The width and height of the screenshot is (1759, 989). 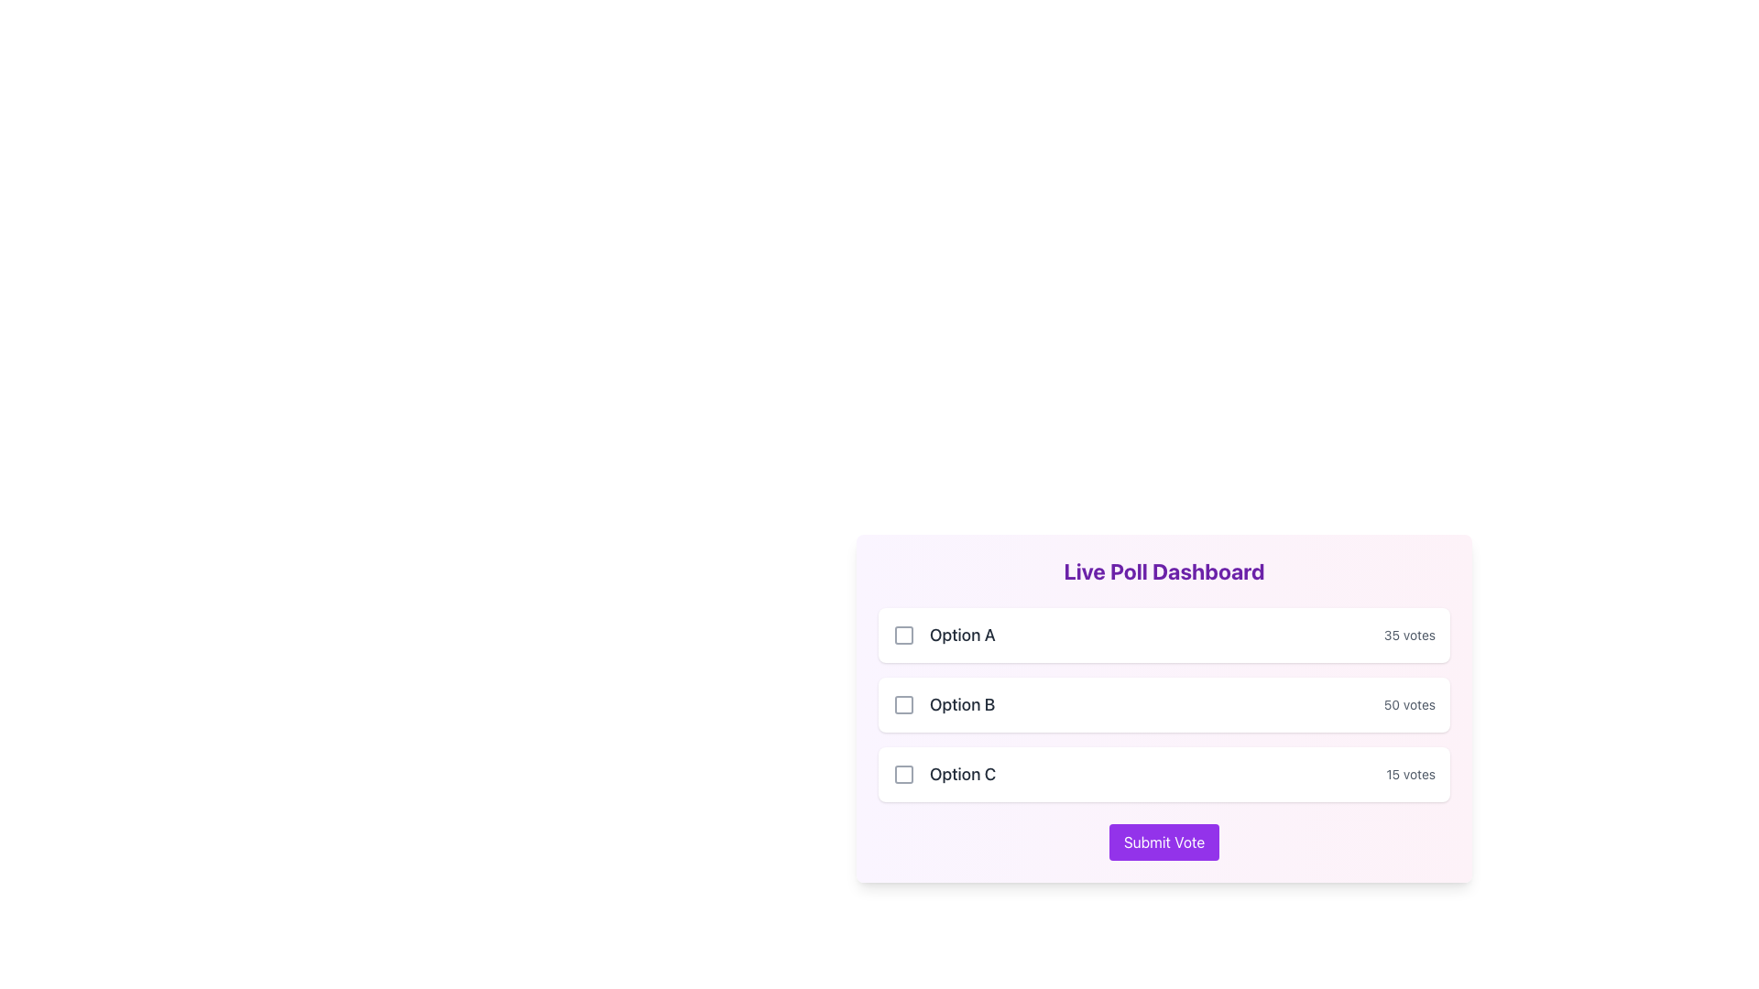 I want to click on the checkbox, so click(x=904, y=635).